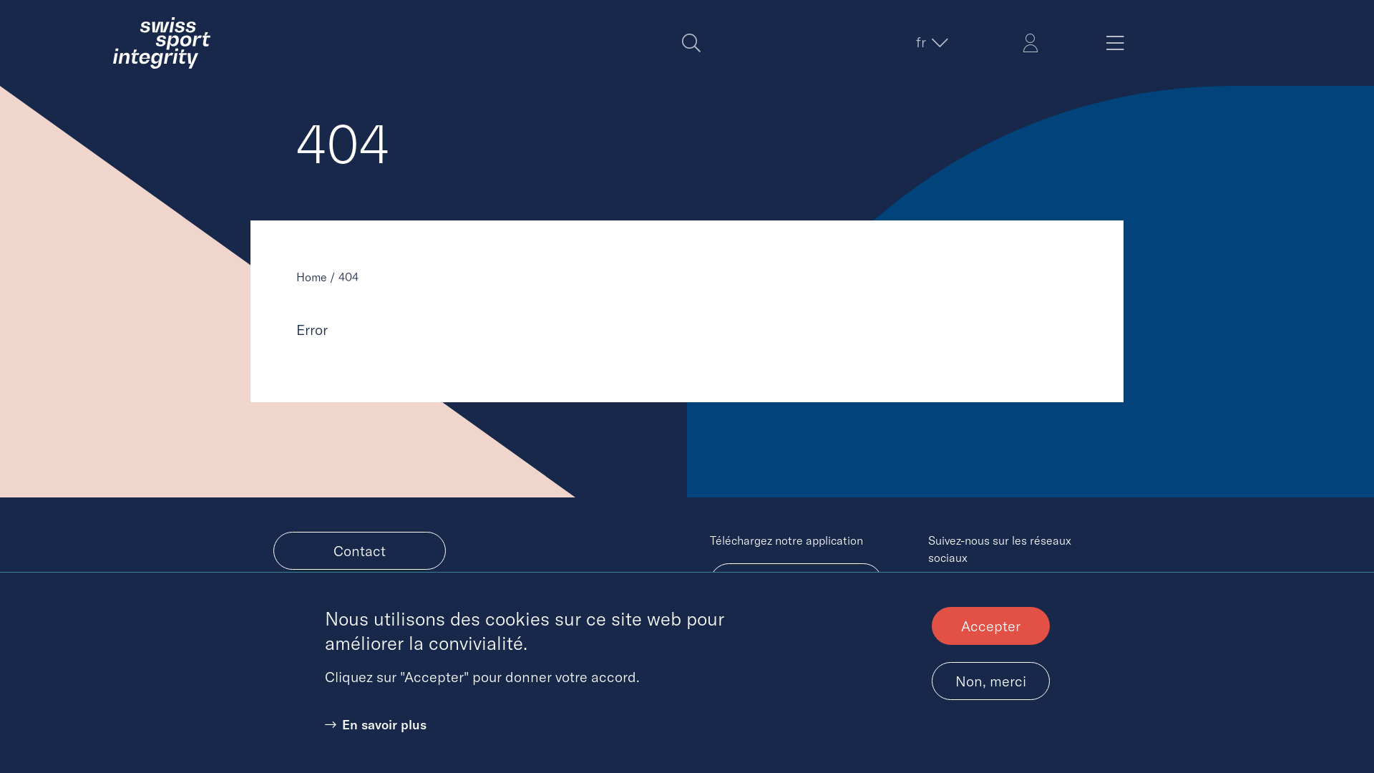 This screenshot has width=1374, height=773. Describe the element at coordinates (971, 594) in the screenshot. I see `'Facebook'` at that location.